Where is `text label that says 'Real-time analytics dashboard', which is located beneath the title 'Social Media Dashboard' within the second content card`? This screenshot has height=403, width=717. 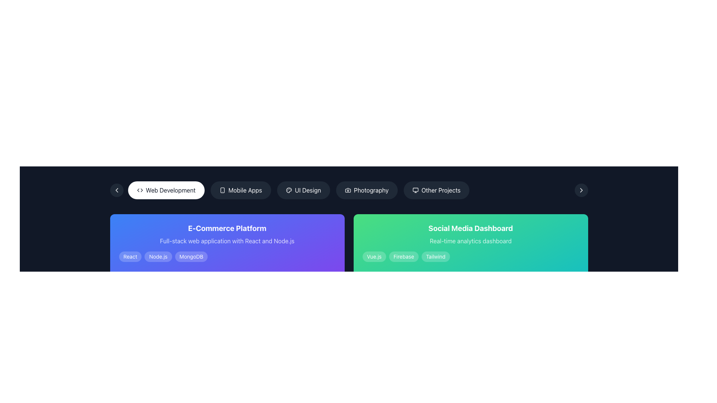
text label that says 'Real-time analytics dashboard', which is located beneath the title 'Social Media Dashboard' within the second content card is located at coordinates (470, 241).